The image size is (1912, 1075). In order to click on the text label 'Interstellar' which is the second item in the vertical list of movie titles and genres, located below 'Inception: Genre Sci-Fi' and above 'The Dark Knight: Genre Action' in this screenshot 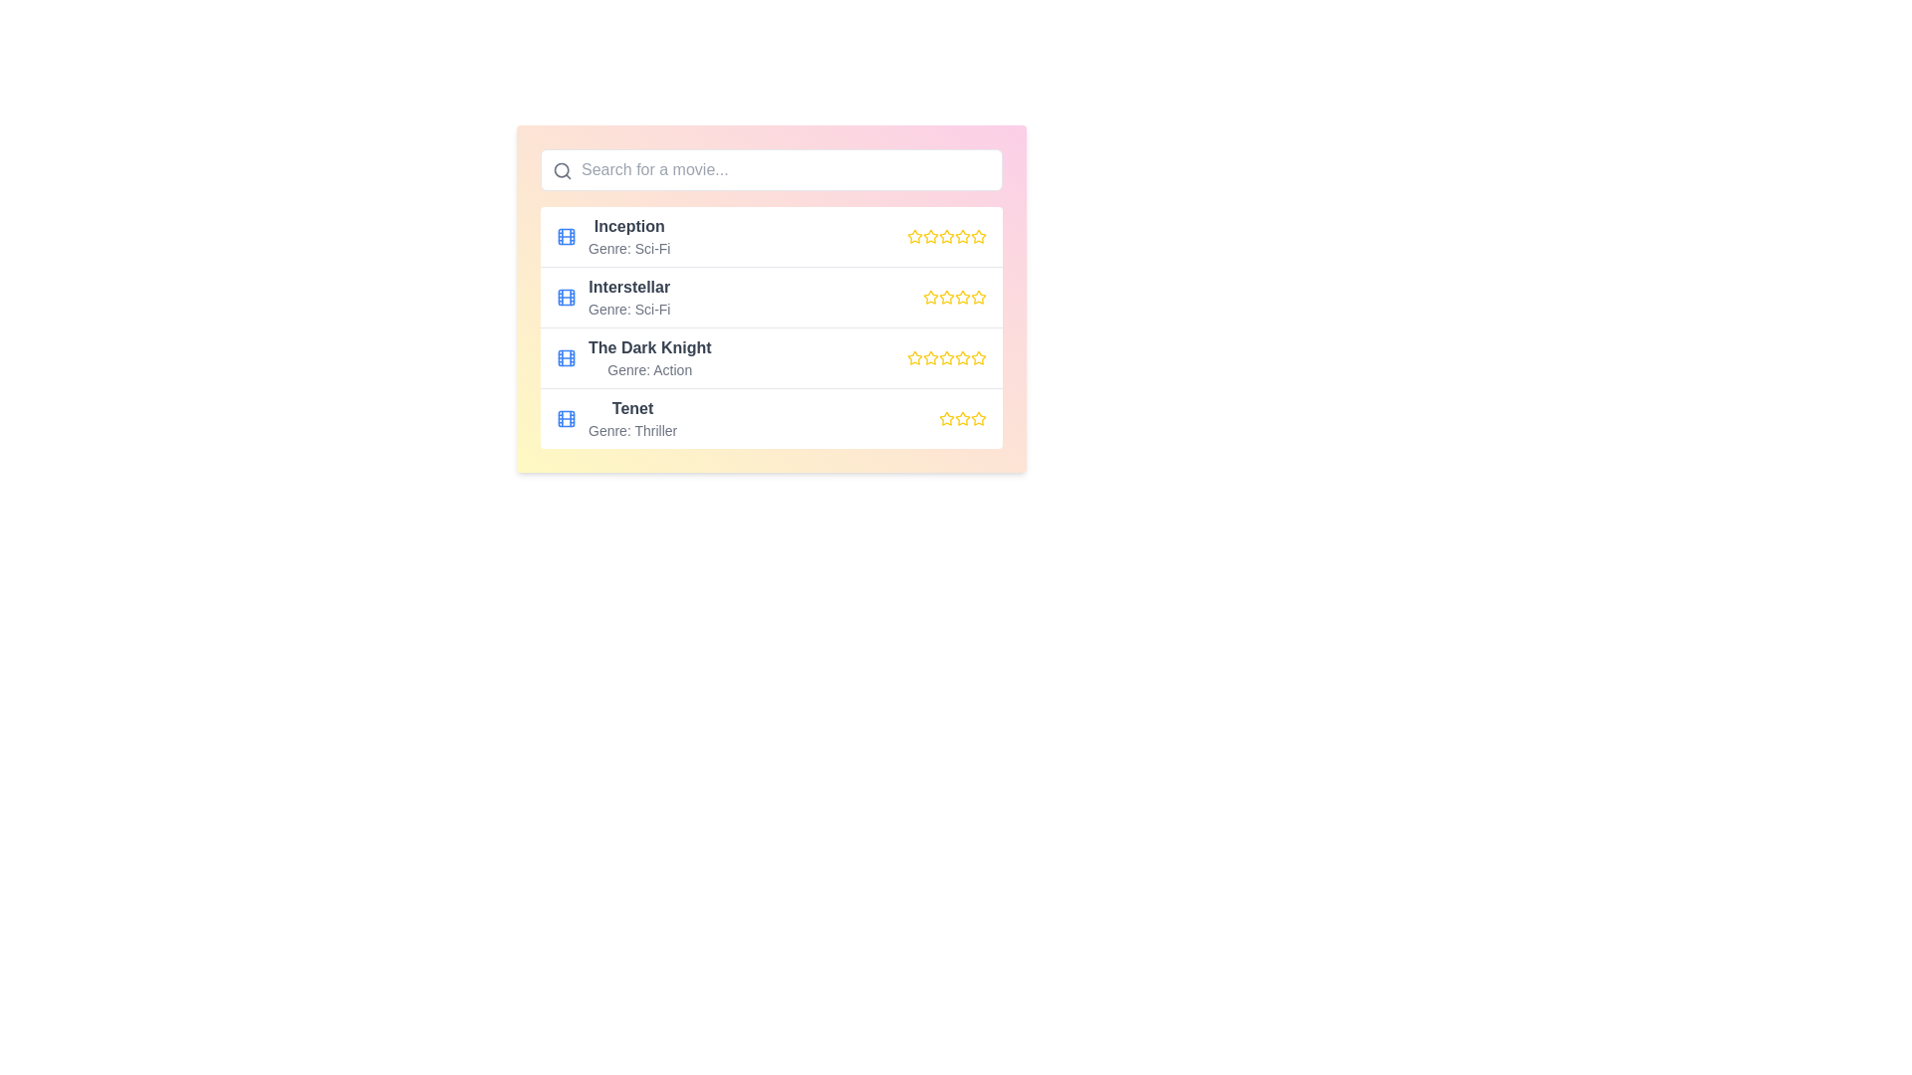, I will do `click(628, 298)`.